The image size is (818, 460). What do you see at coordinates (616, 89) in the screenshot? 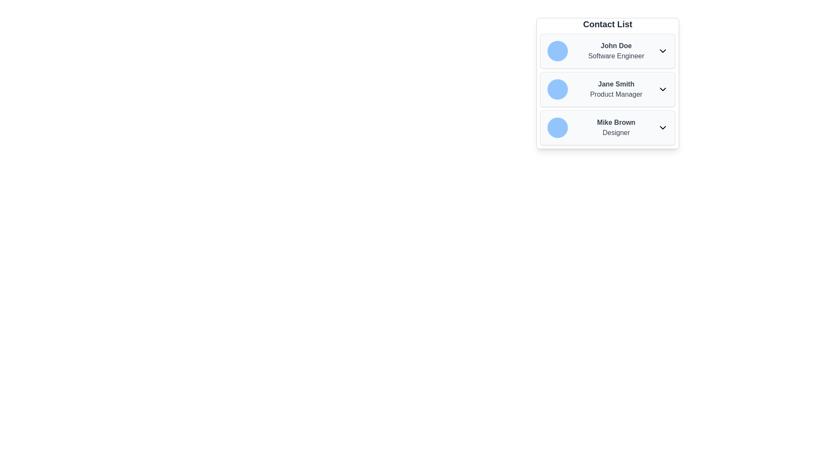
I see `the second contact entry in the contact list, which provides the name and job title of a contact` at bounding box center [616, 89].